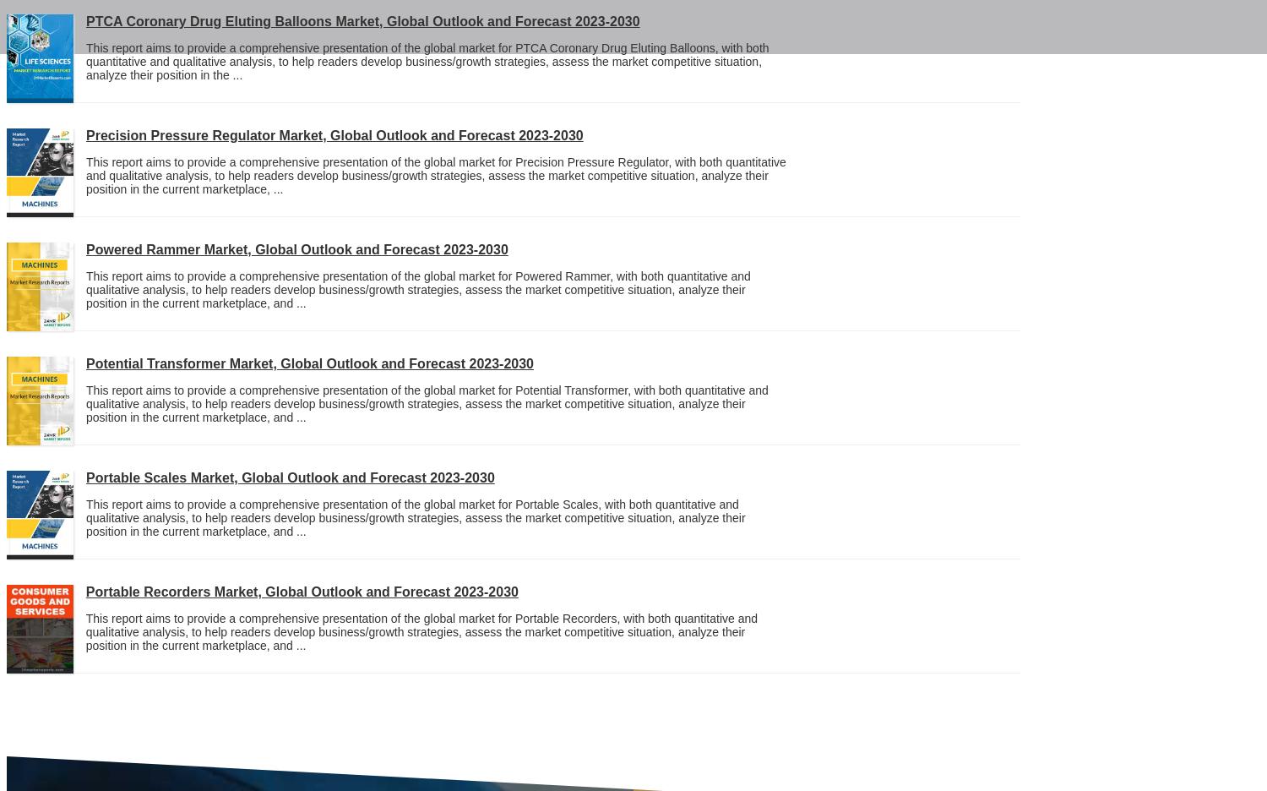 This screenshot has width=1267, height=791. What do you see at coordinates (301, 592) in the screenshot?
I see `'Portable Recorders Market, Global Outlook and Forecast 2023-2030'` at bounding box center [301, 592].